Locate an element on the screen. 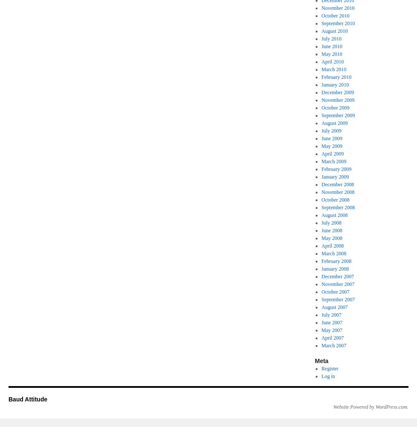 This screenshot has height=427, width=417. 'May 2008' is located at coordinates (331, 238).